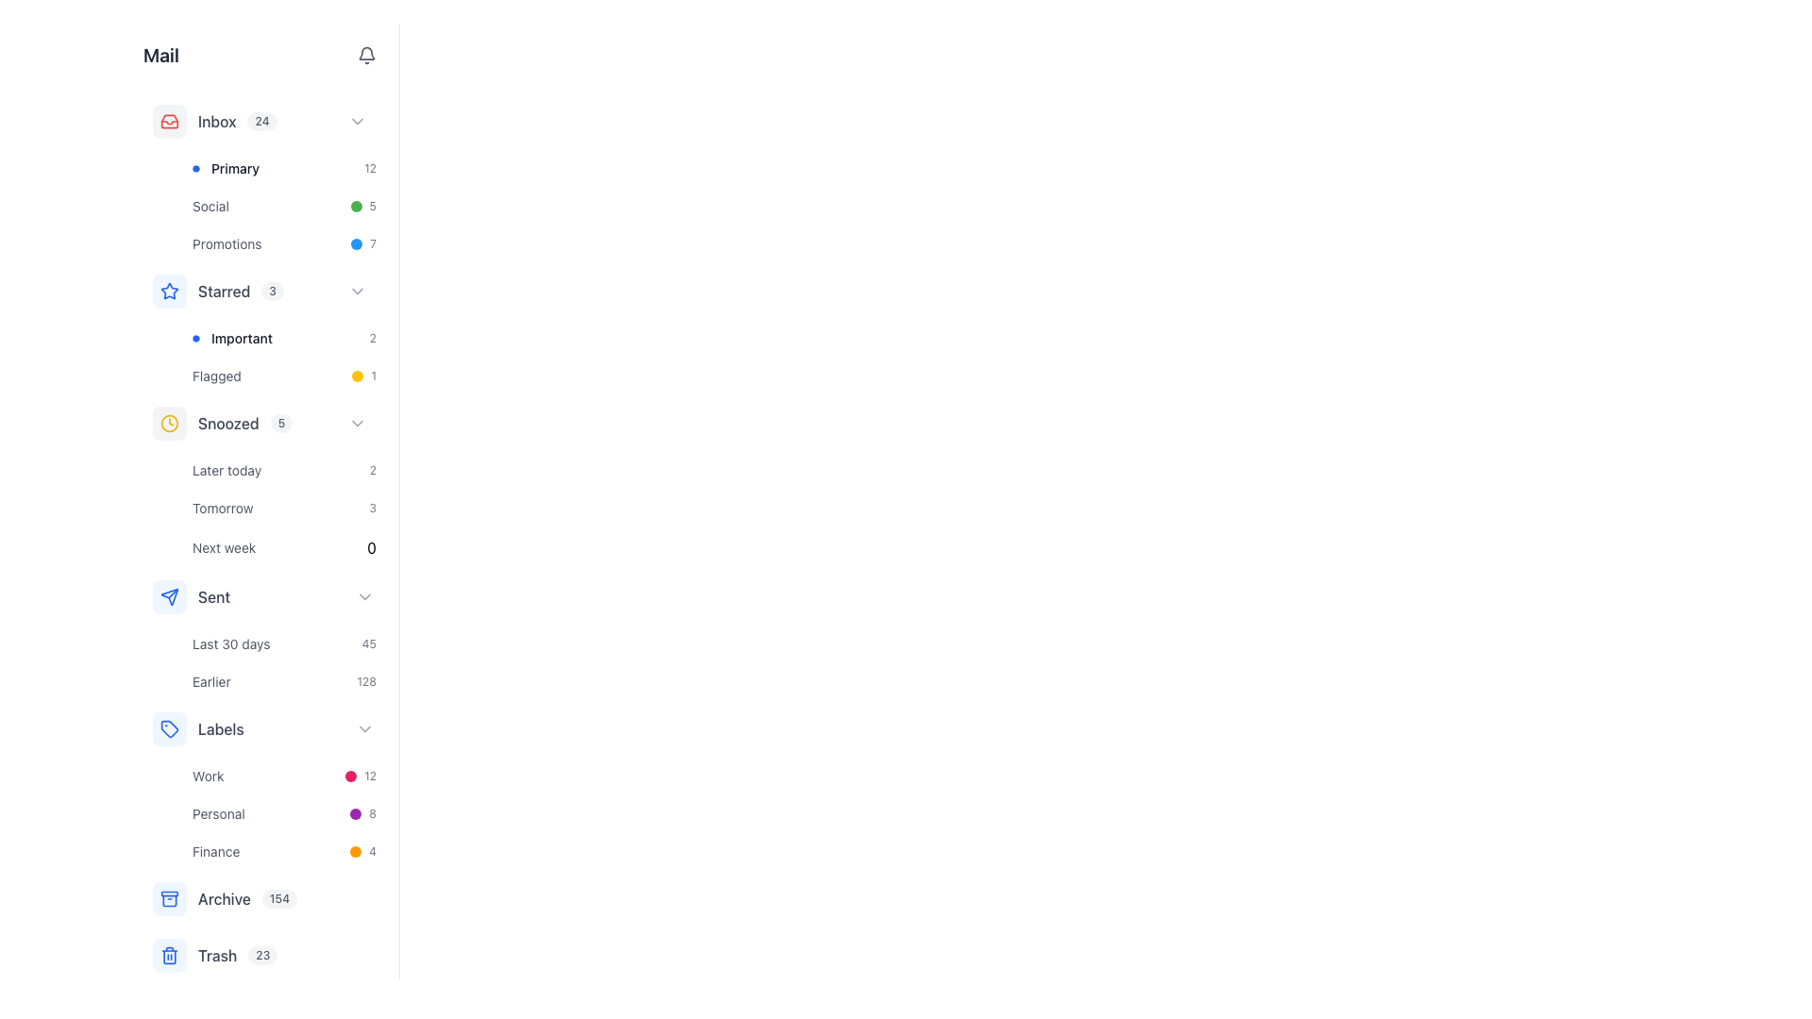 This screenshot has height=1019, width=1812. Describe the element at coordinates (170, 727) in the screenshot. I see `the 'Labels' icon located in the sidebar menu, positioned between the 'Sent' section and the 'Archive' section` at that location.